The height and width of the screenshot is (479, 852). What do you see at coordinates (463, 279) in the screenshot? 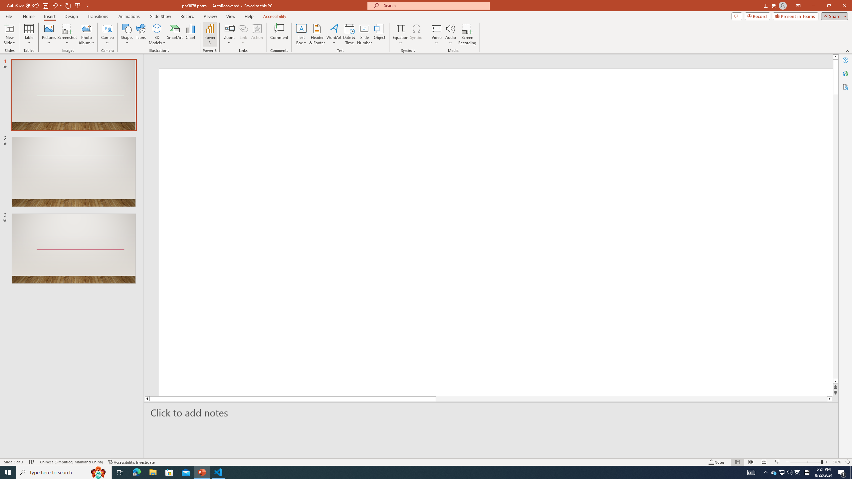
I see `'Title TextBox'` at bounding box center [463, 279].